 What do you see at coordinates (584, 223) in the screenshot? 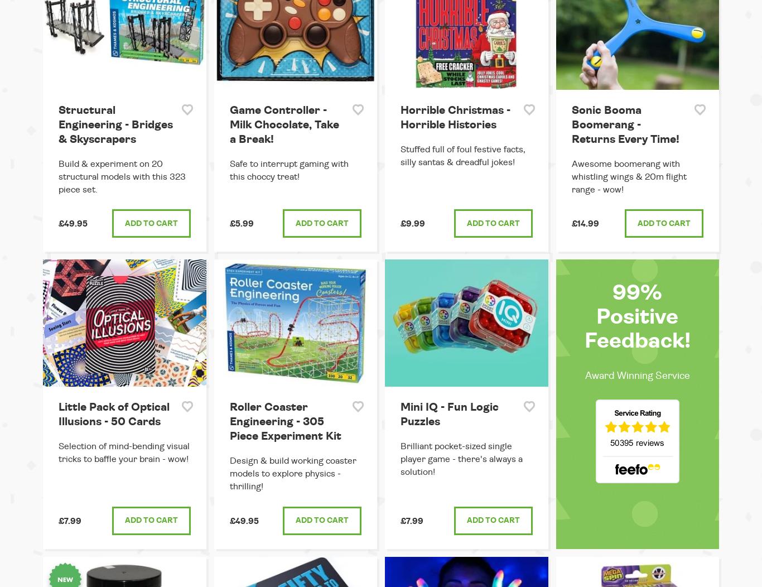
I see `'£14.99'` at bounding box center [584, 223].